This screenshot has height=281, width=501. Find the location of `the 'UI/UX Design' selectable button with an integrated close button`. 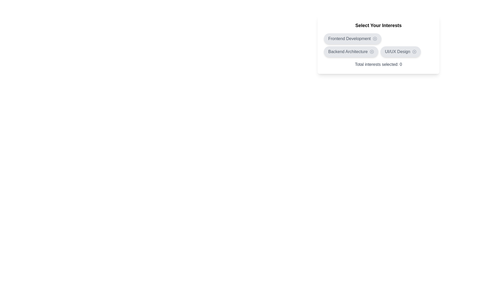

the 'UI/UX Design' selectable button with an integrated close button is located at coordinates (400, 52).